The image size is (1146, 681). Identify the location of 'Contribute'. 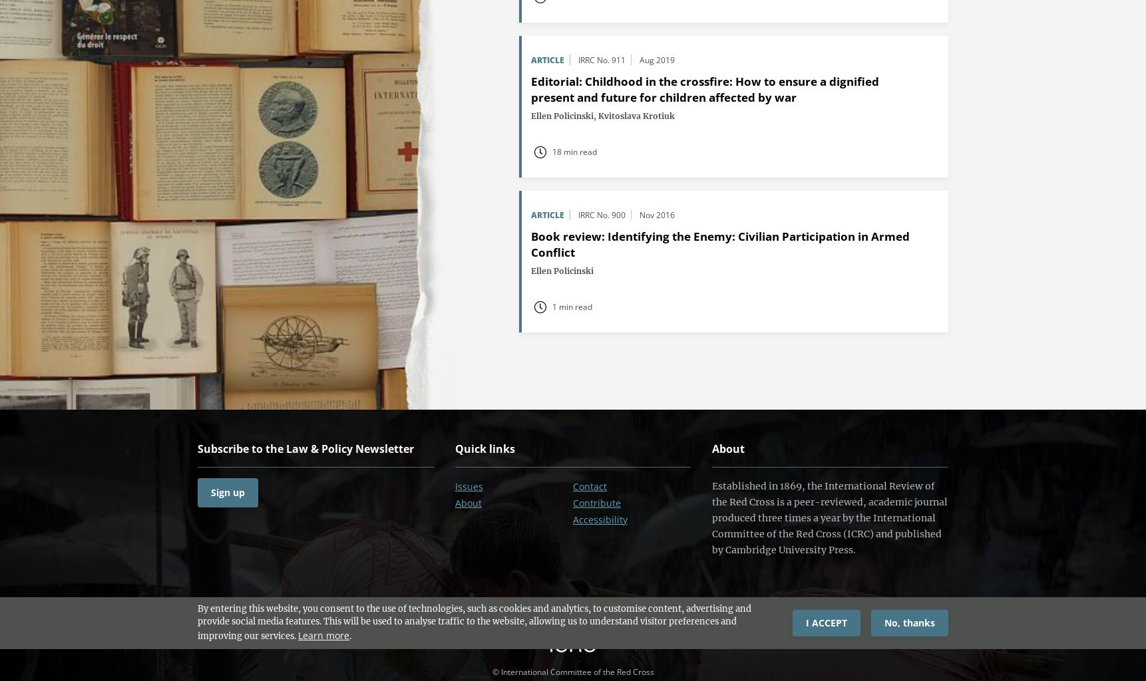
(596, 502).